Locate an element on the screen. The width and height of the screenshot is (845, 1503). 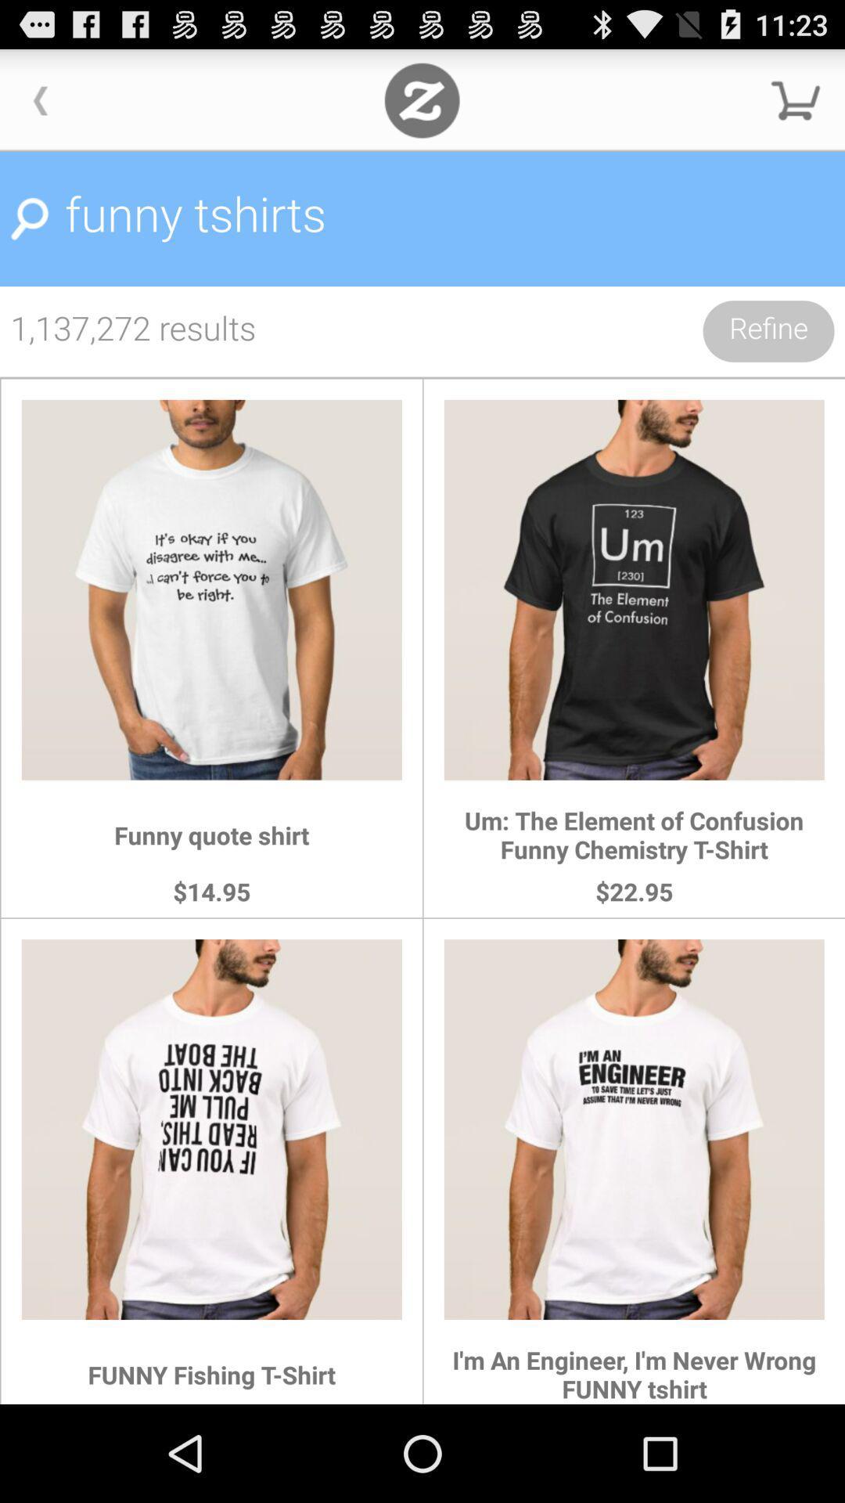
cart is located at coordinates (796, 99).